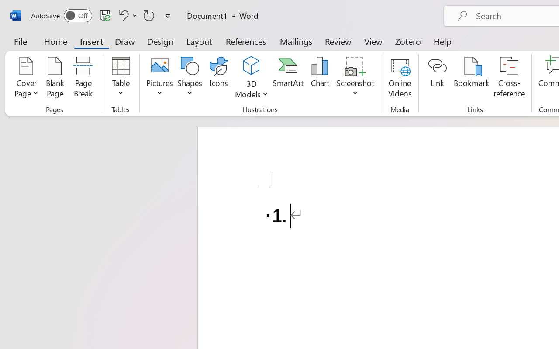  I want to click on 'Shapes', so click(190, 78).